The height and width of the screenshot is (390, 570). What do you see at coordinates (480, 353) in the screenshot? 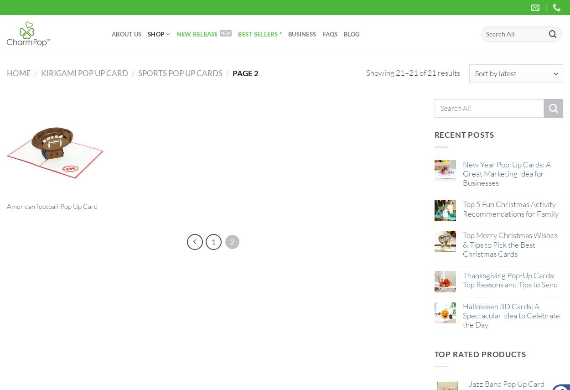
I see `'Top Rated Products'` at bounding box center [480, 353].